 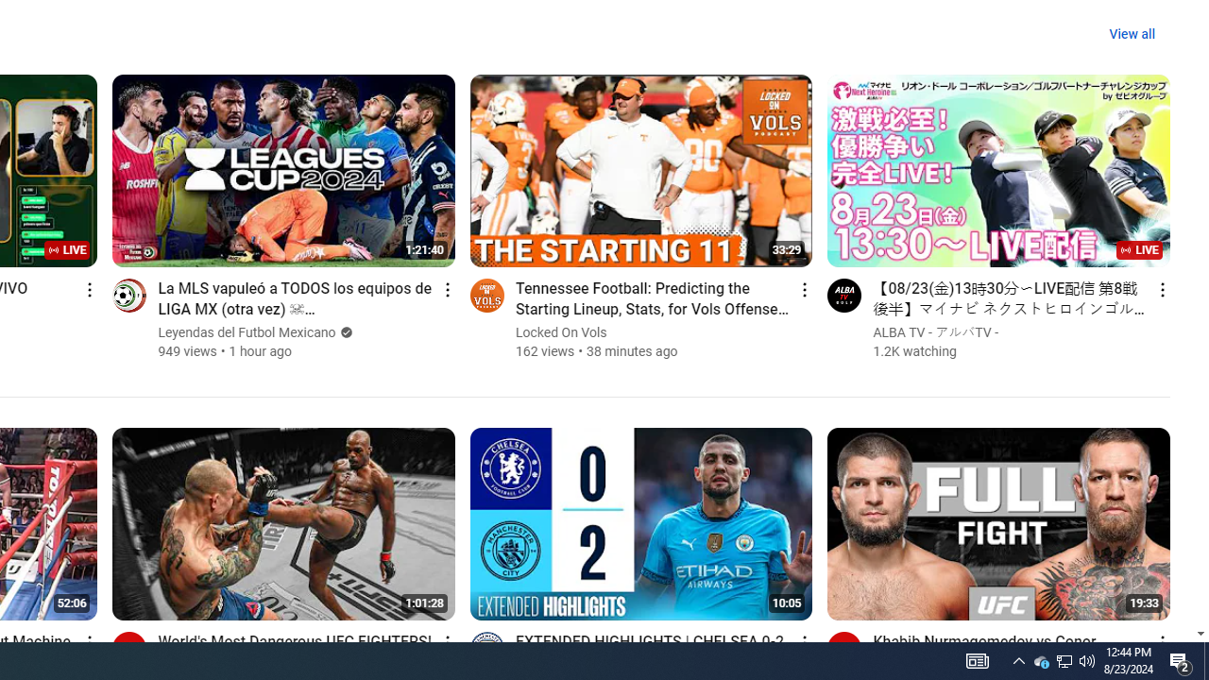 I want to click on 'Verified', so click(x=344, y=331).